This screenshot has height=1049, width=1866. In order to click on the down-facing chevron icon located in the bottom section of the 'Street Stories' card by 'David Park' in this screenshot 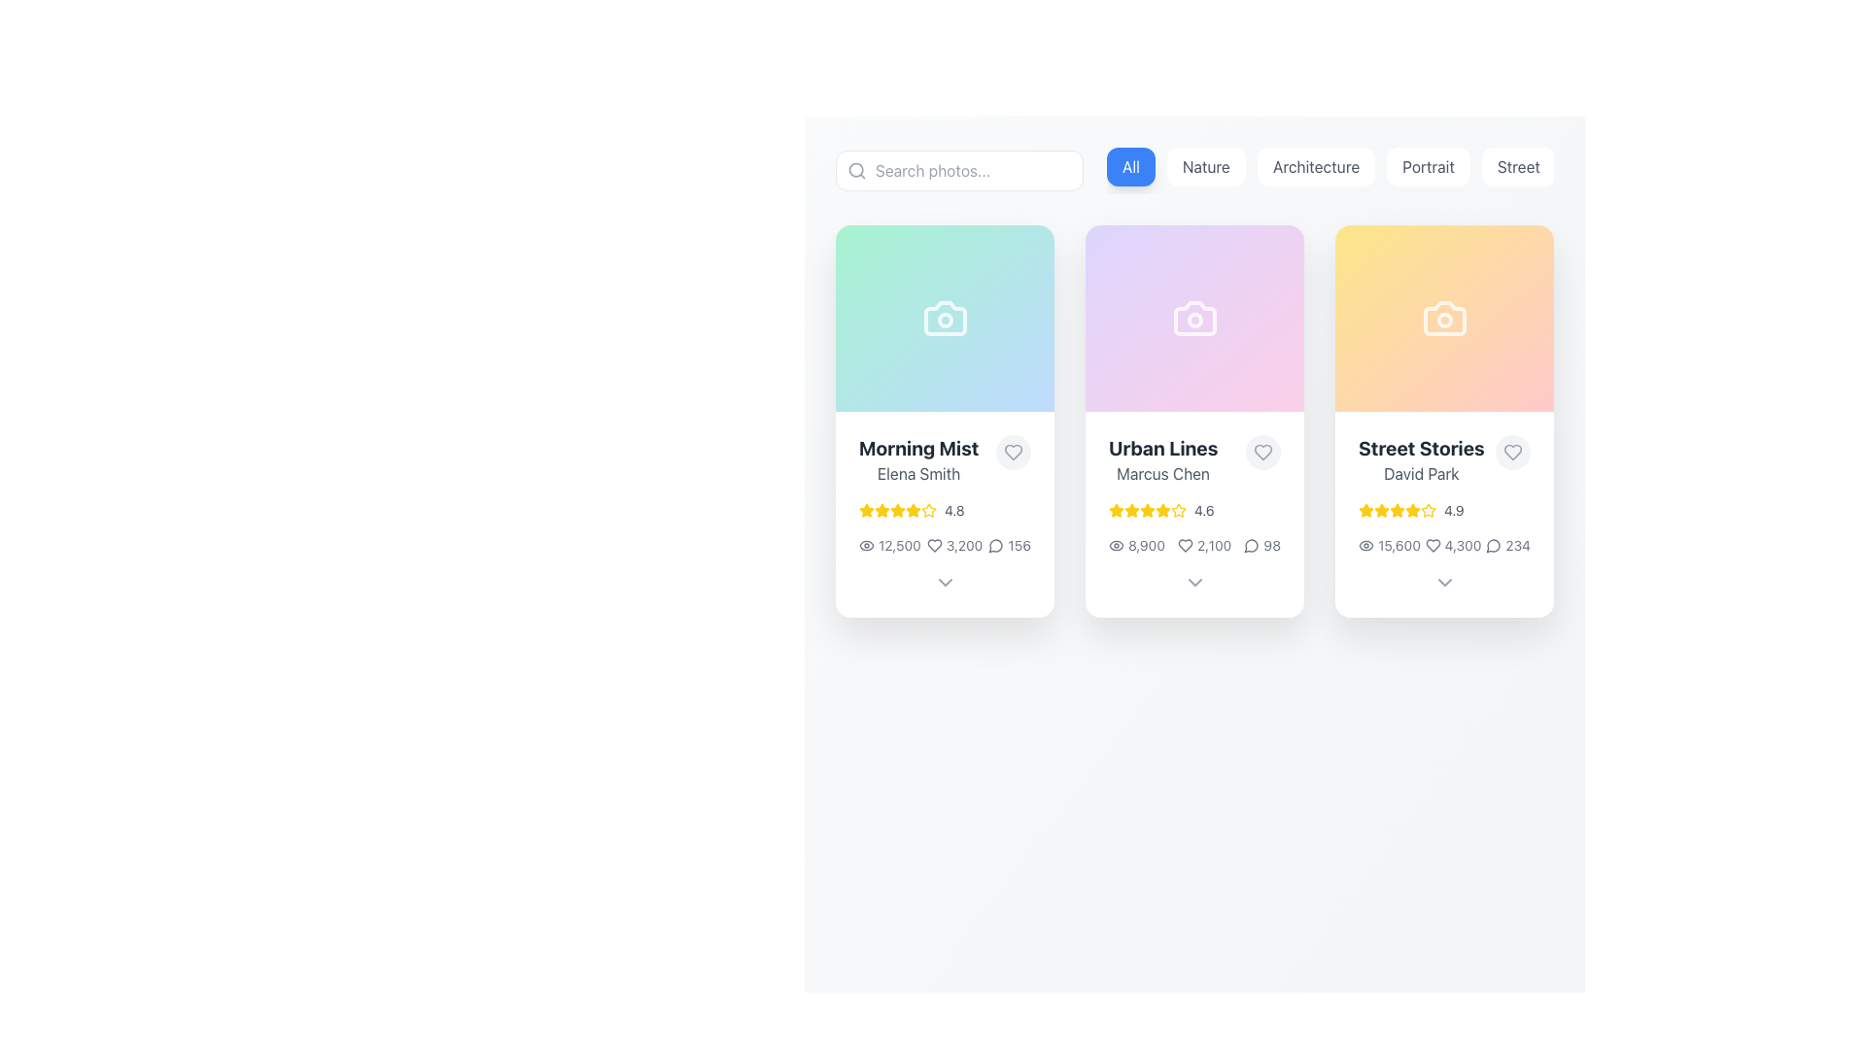, I will do `click(1444, 582)`.